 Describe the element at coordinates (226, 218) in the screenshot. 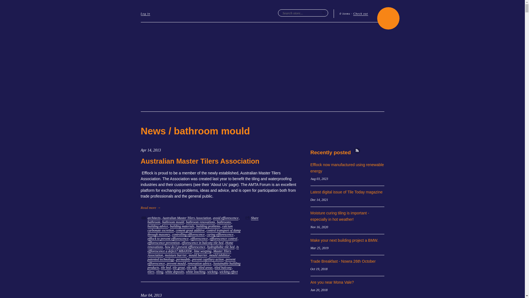

I see `'avoid efflorescence'` at that location.